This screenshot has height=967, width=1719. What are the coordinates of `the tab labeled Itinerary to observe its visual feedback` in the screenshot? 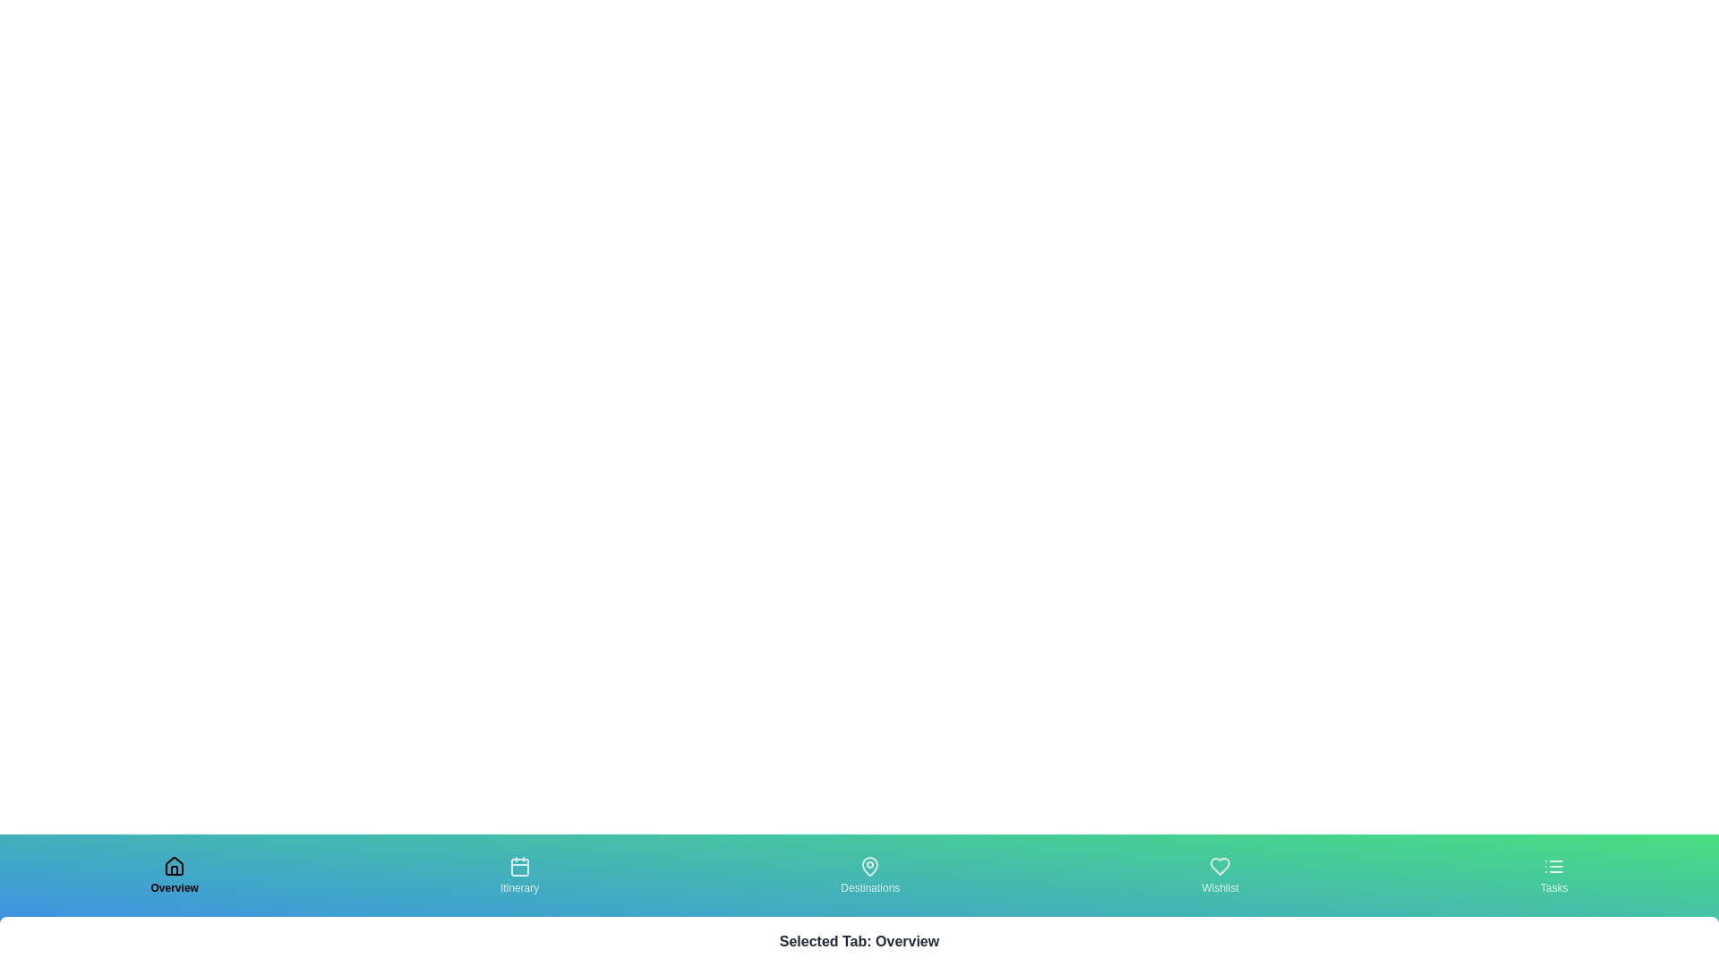 It's located at (518, 875).